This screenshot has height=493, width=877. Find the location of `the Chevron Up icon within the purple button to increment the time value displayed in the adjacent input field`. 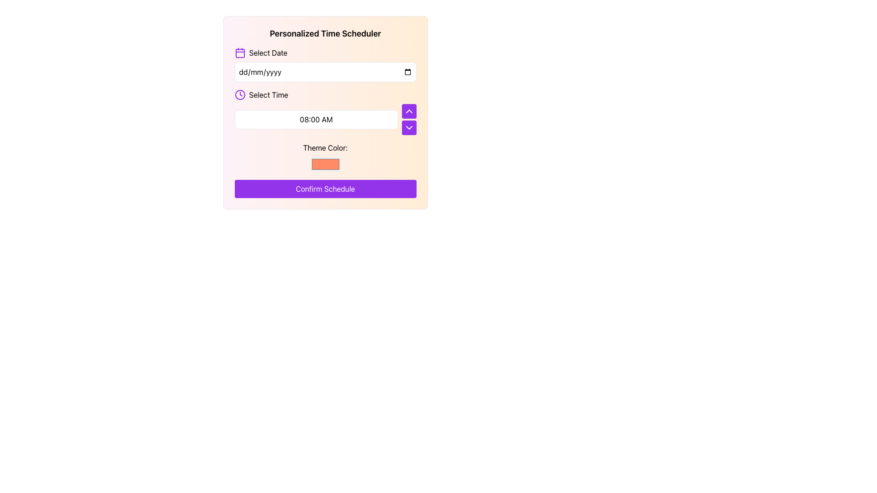

the Chevron Up icon within the purple button to increment the time value displayed in the adjacent input field is located at coordinates (408, 110).